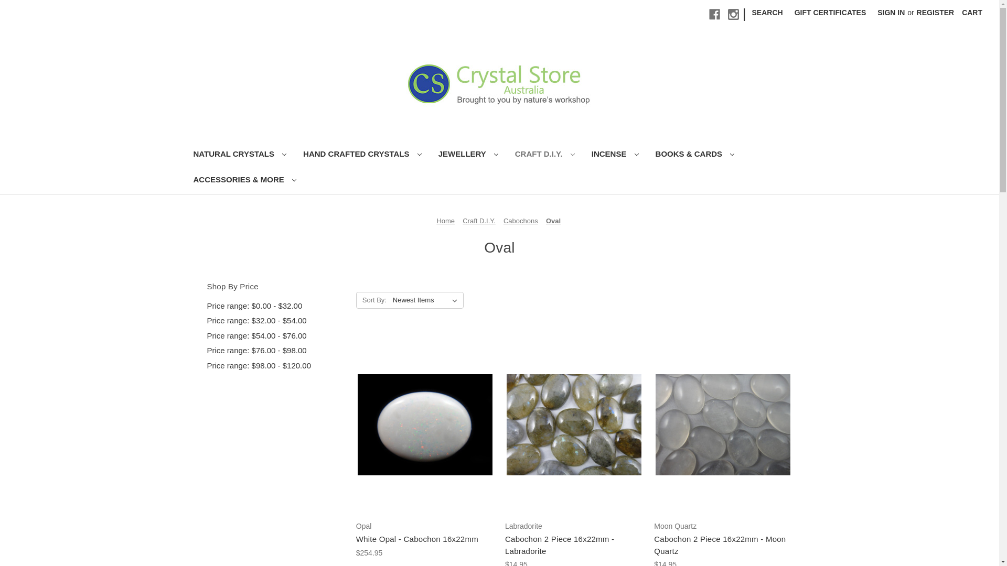  What do you see at coordinates (583, 155) in the screenshot?
I see `'INCENSE'` at bounding box center [583, 155].